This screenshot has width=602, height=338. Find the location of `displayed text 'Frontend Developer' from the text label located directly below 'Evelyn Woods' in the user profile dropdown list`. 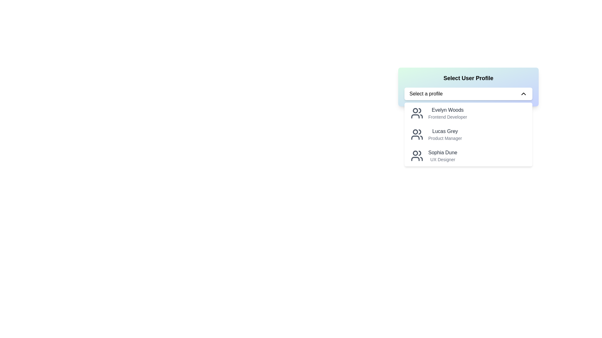

displayed text 'Frontend Developer' from the text label located directly below 'Evelyn Woods' in the user profile dropdown list is located at coordinates (447, 117).